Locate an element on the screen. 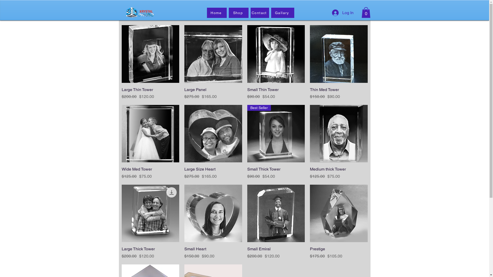  'Small Thick Tower is located at coordinates (276, 173).